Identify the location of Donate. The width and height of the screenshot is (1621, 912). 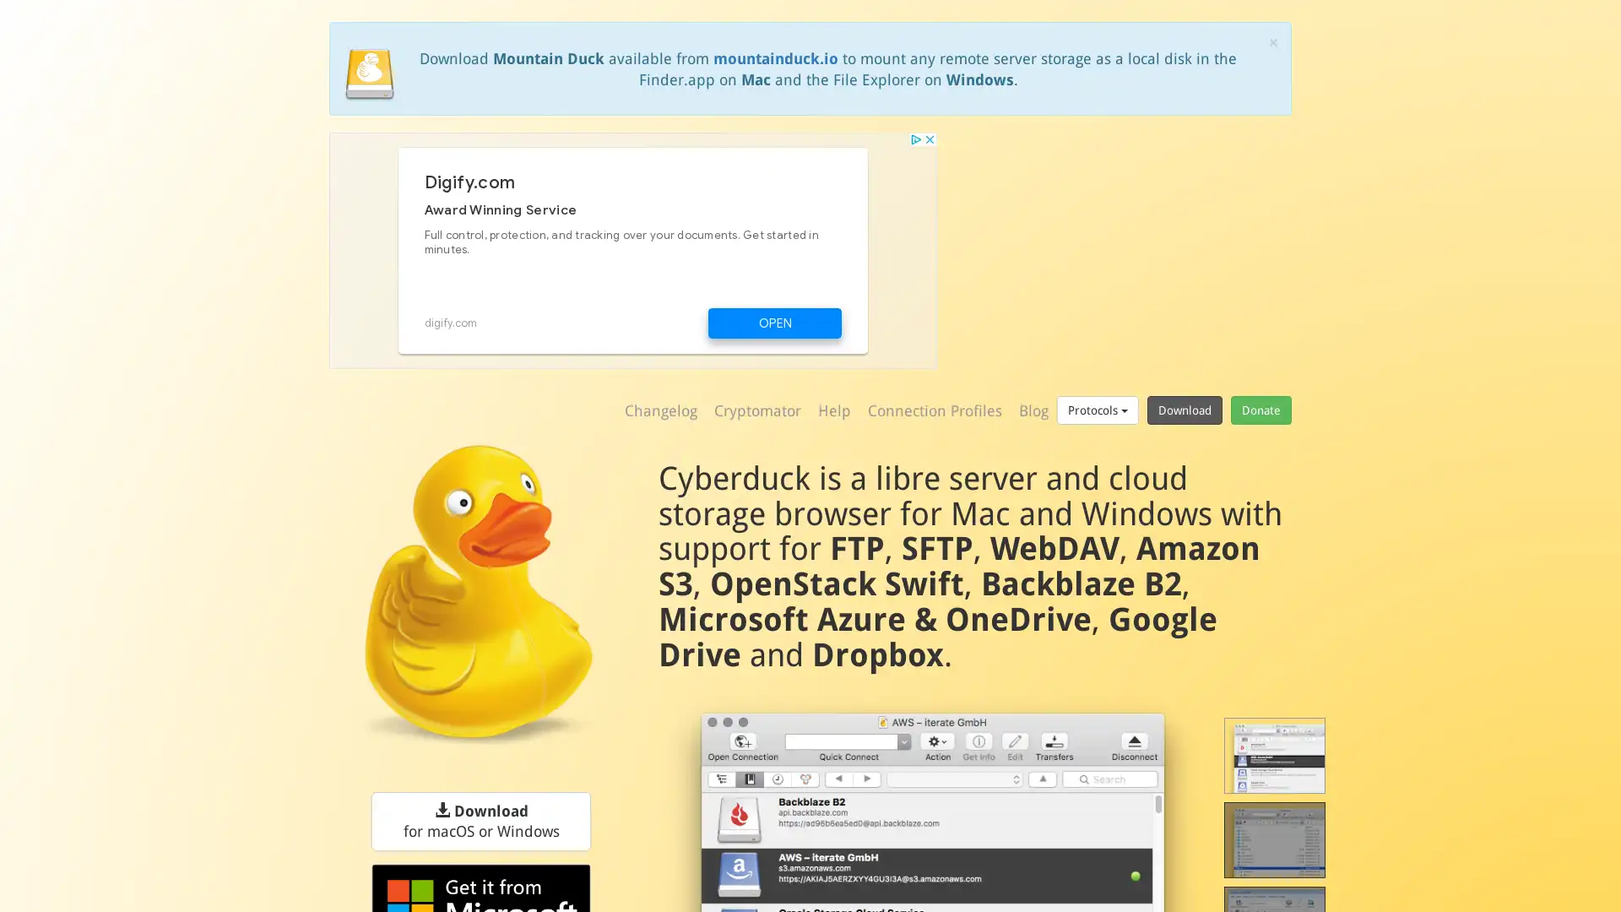
(1260, 410).